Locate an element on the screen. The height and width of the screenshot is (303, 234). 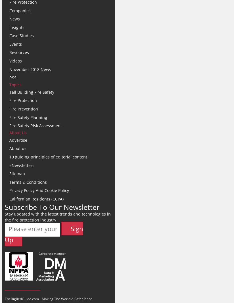
'About  us' is located at coordinates (18, 132).